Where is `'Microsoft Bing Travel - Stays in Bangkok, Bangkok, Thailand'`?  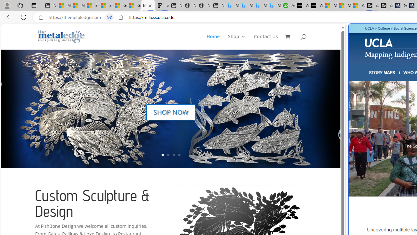
'Microsoft Bing Travel - Stays in Bangkok, Bangkok, Thailand' is located at coordinates (245, 6).